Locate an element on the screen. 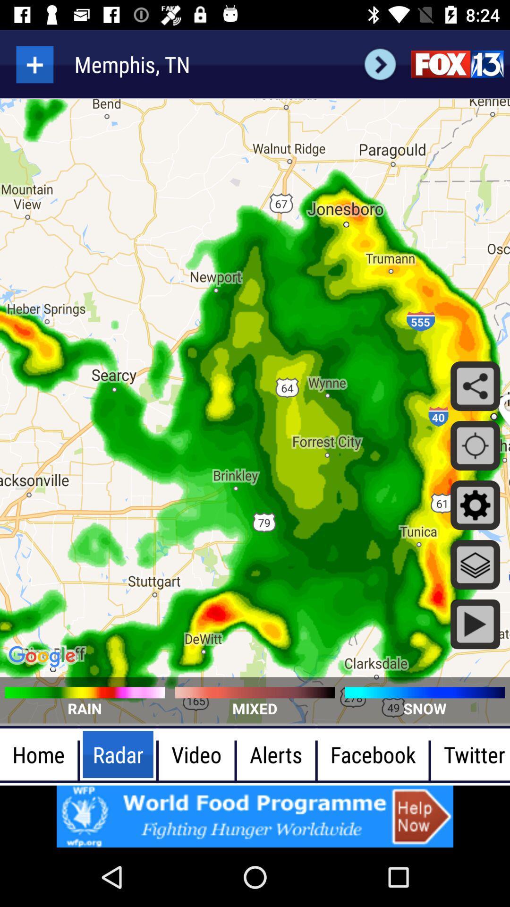  acount is located at coordinates (34, 64).